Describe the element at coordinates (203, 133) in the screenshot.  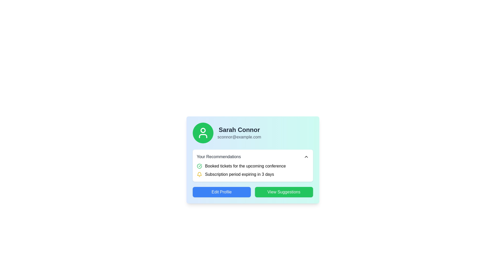
I see `the user profile icon represented by a circular design with white strokes on a green background, located in the top-left corner of the user profile card` at that location.